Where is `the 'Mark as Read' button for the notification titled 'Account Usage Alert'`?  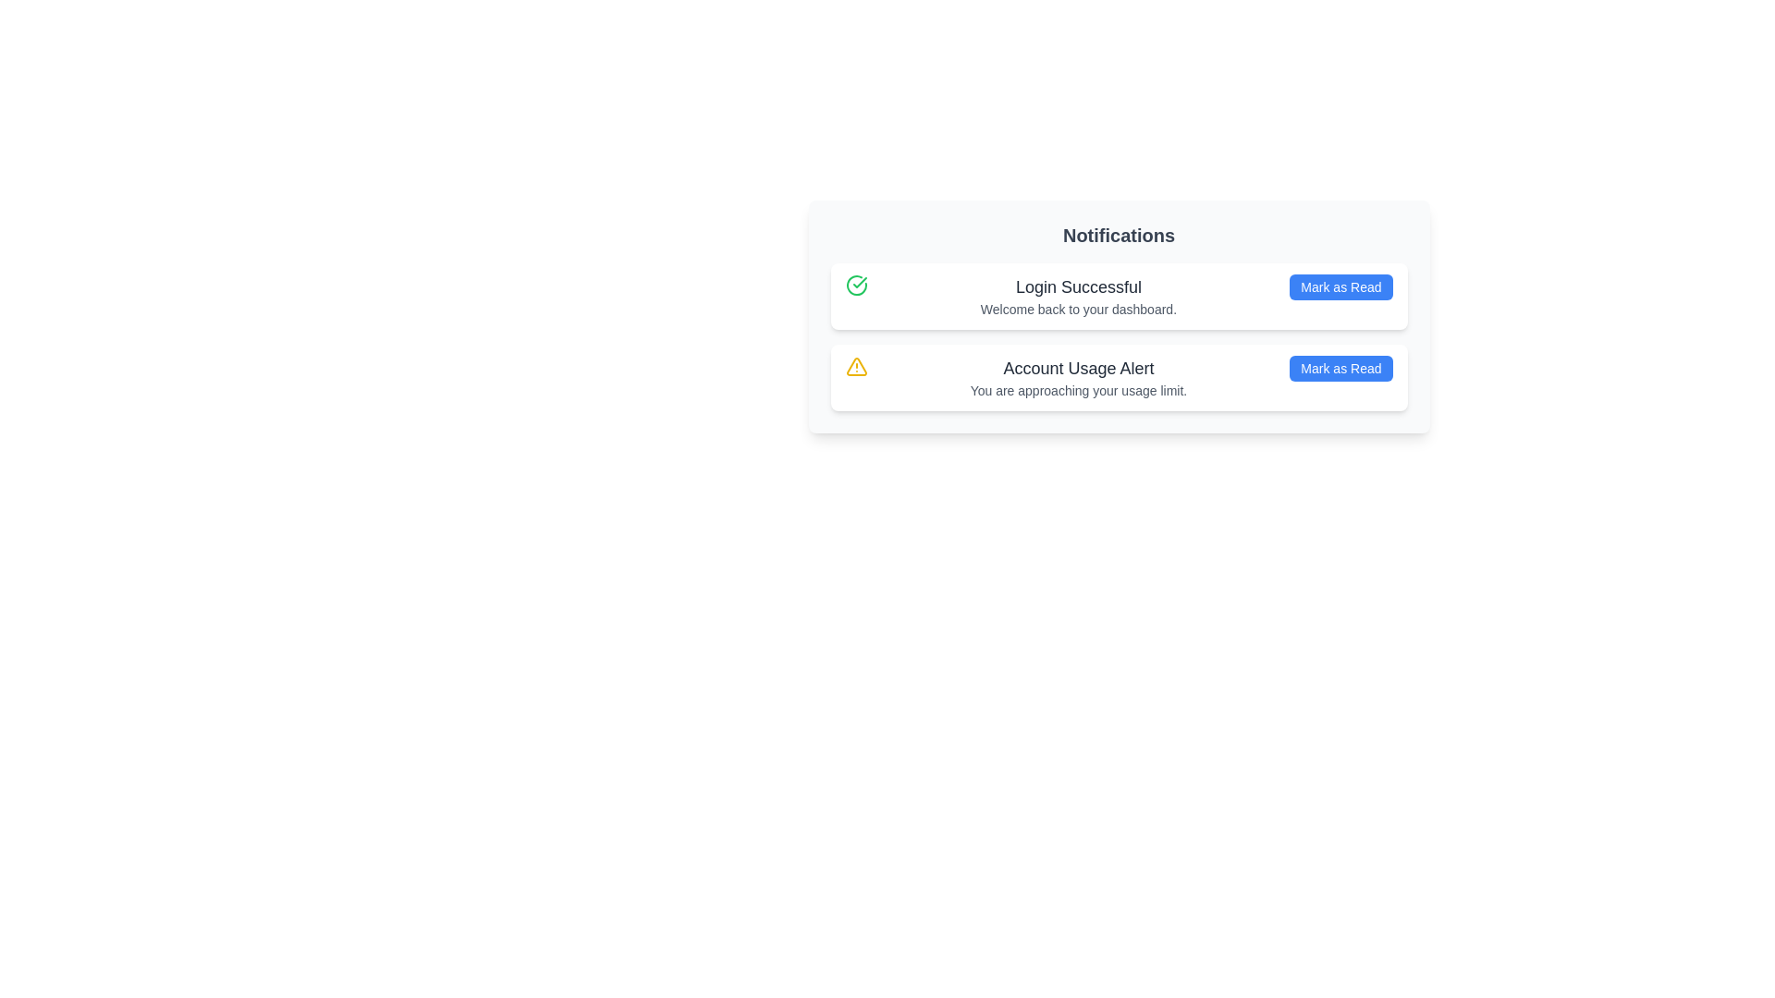
the 'Mark as Read' button for the notification titled 'Account Usage Alert' is located at coordinates (1340, 368).